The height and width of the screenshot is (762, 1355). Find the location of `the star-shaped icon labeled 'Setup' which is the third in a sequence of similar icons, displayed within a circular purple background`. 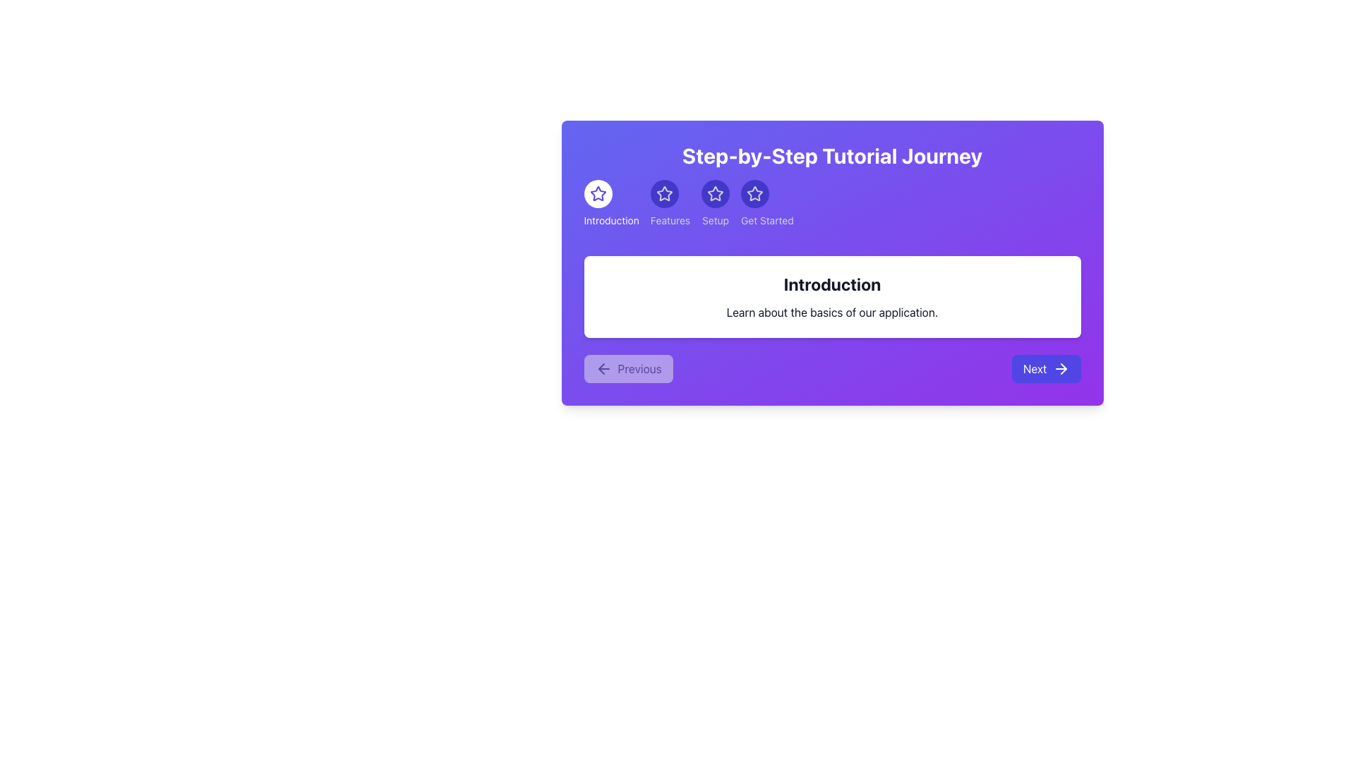

the star-shaped icon labeled 'Setup' which is the third in a sequence of similar icons, displayed within a circular purple background is located at coordinates (716, 193).